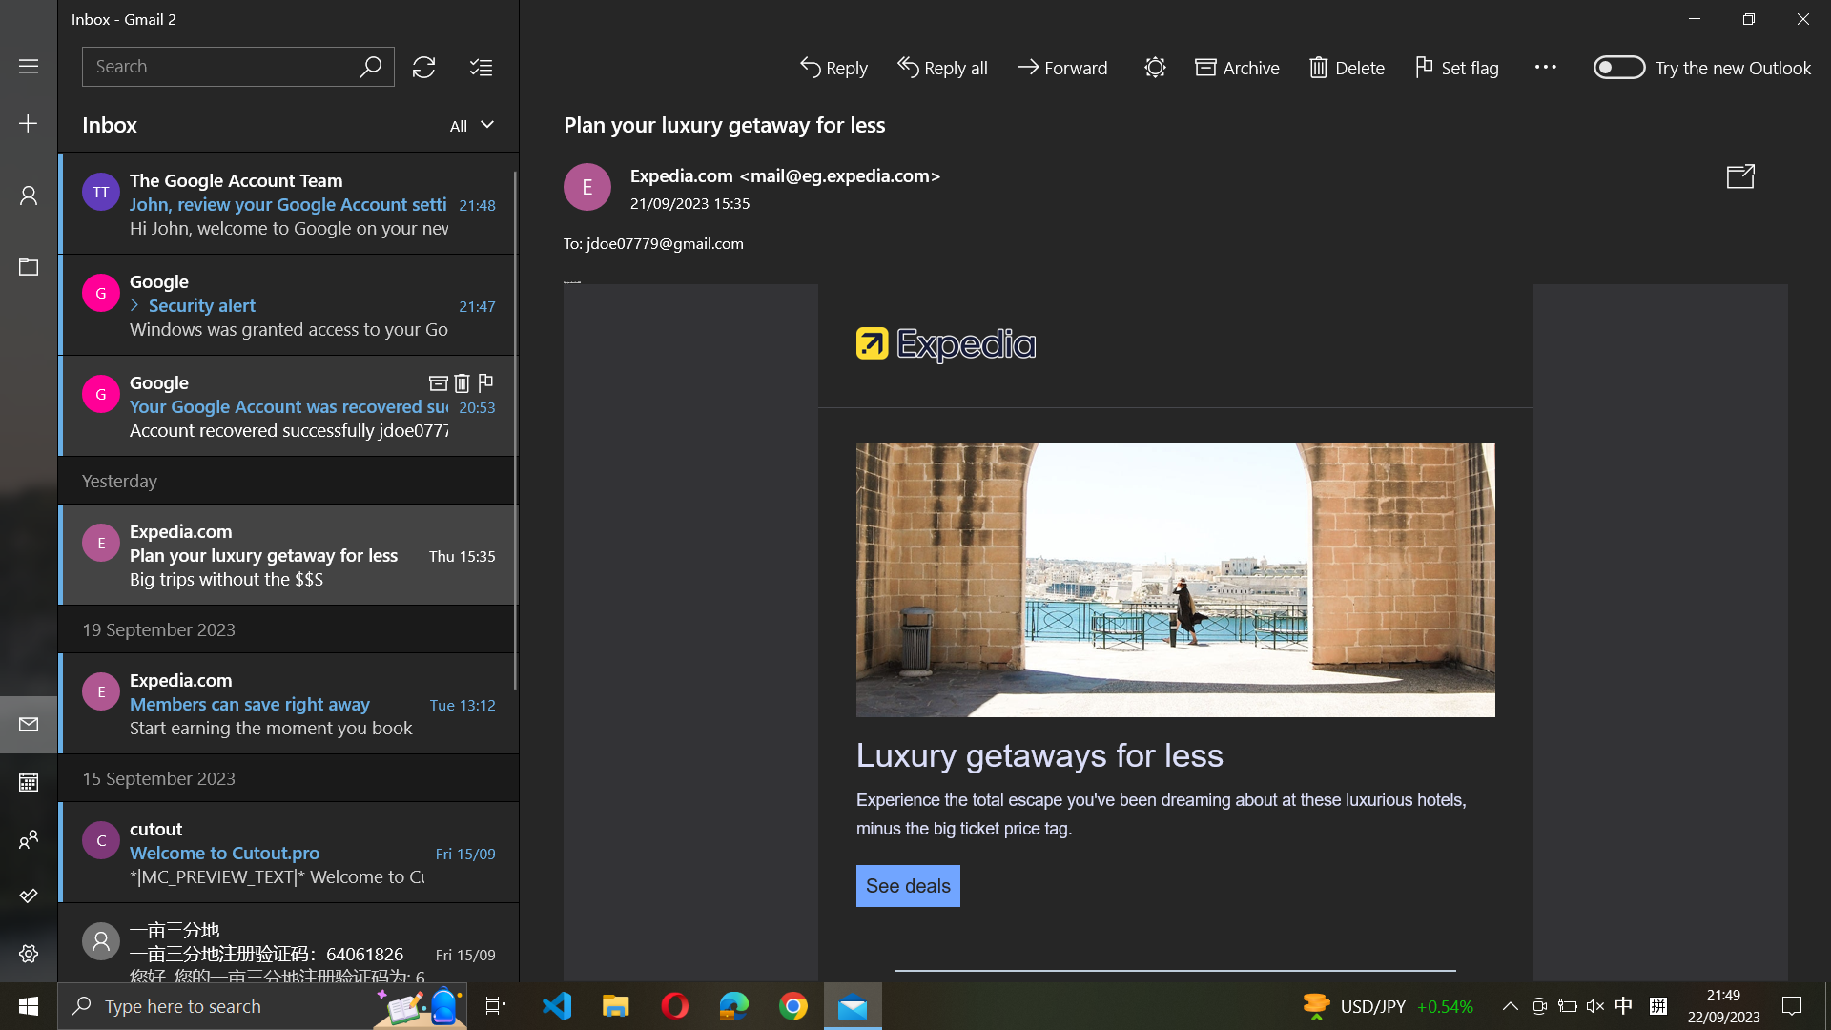 The height and width of the screenshot is (1030, 1831). Describe the element at coordinates (237, 65) in the screenshot. I see `Locate Expedia.com"s emails in your inbox` at that location.